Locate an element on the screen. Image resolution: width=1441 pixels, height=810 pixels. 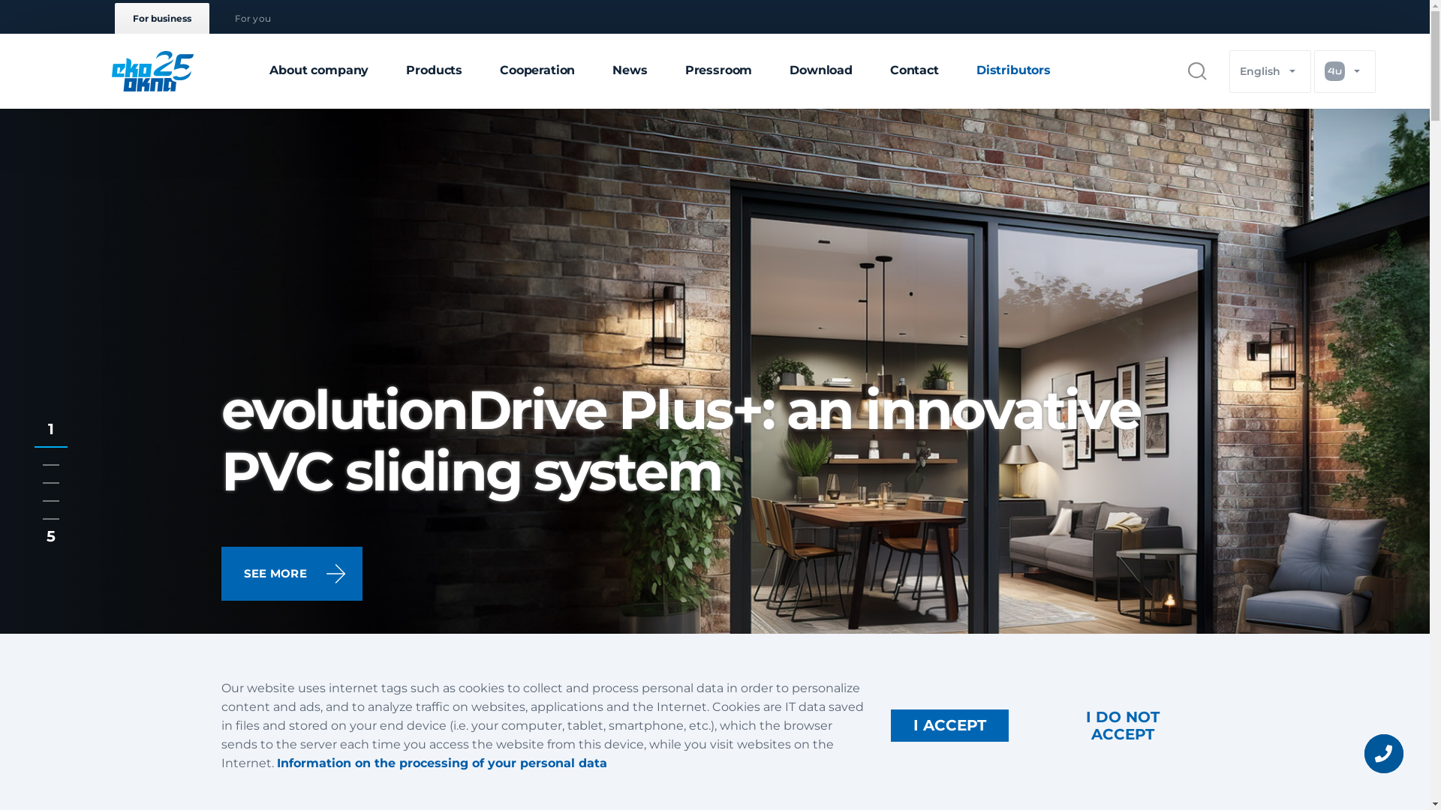
'Pressroom' is located at coordinates (718, 71).